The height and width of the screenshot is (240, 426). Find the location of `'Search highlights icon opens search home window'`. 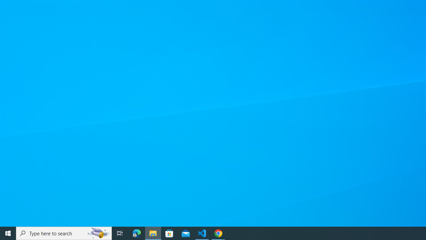

'Search highlights icon opens search home window' is located at coordinates (98, 233).